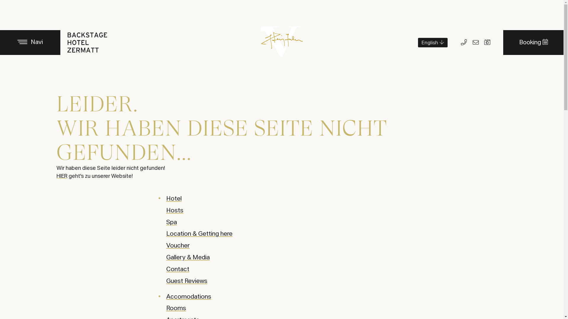 The image size is (568, 319). Describe the element at coordinates (174, 210) in the screenshot. I see `'Hosts'` at that location.